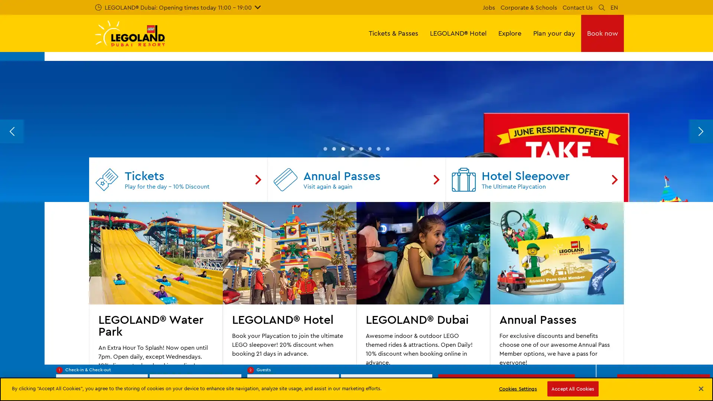 The width and height of the screenshot is (713, 401). Describe the element at coordinates (602, 33) in the screenshot. I see `Book now` at that location.